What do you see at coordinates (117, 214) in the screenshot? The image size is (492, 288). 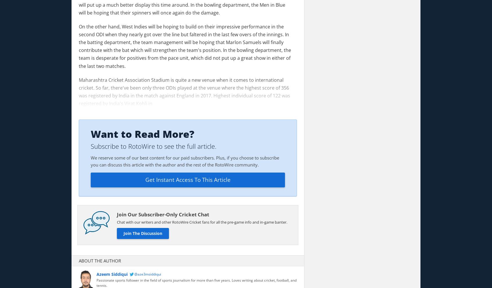 I see `'Join Our Subscriber-Only Cricket Chat'` at bounding box center [117, 214].